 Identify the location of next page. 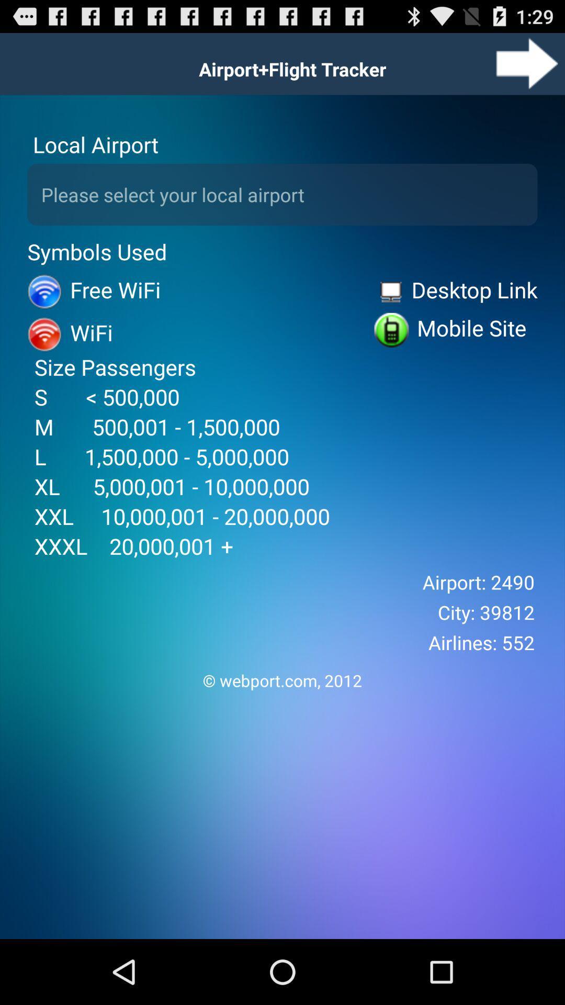
(527, 63).